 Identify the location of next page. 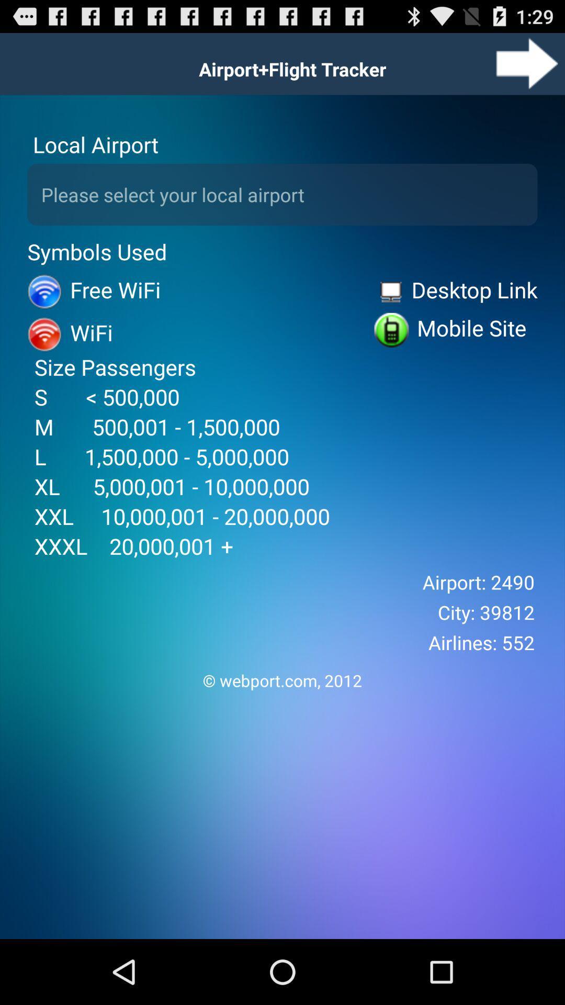
(527, 63).